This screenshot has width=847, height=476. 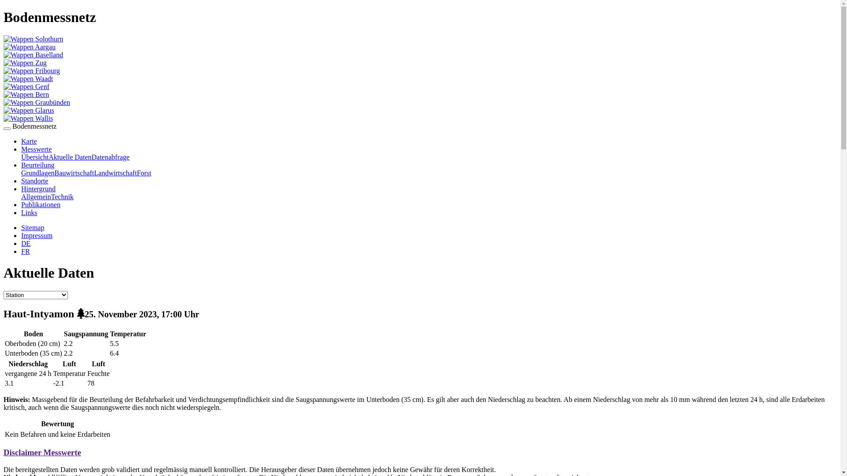 I want to click on 'Impressum', so click(x=36, y=235).